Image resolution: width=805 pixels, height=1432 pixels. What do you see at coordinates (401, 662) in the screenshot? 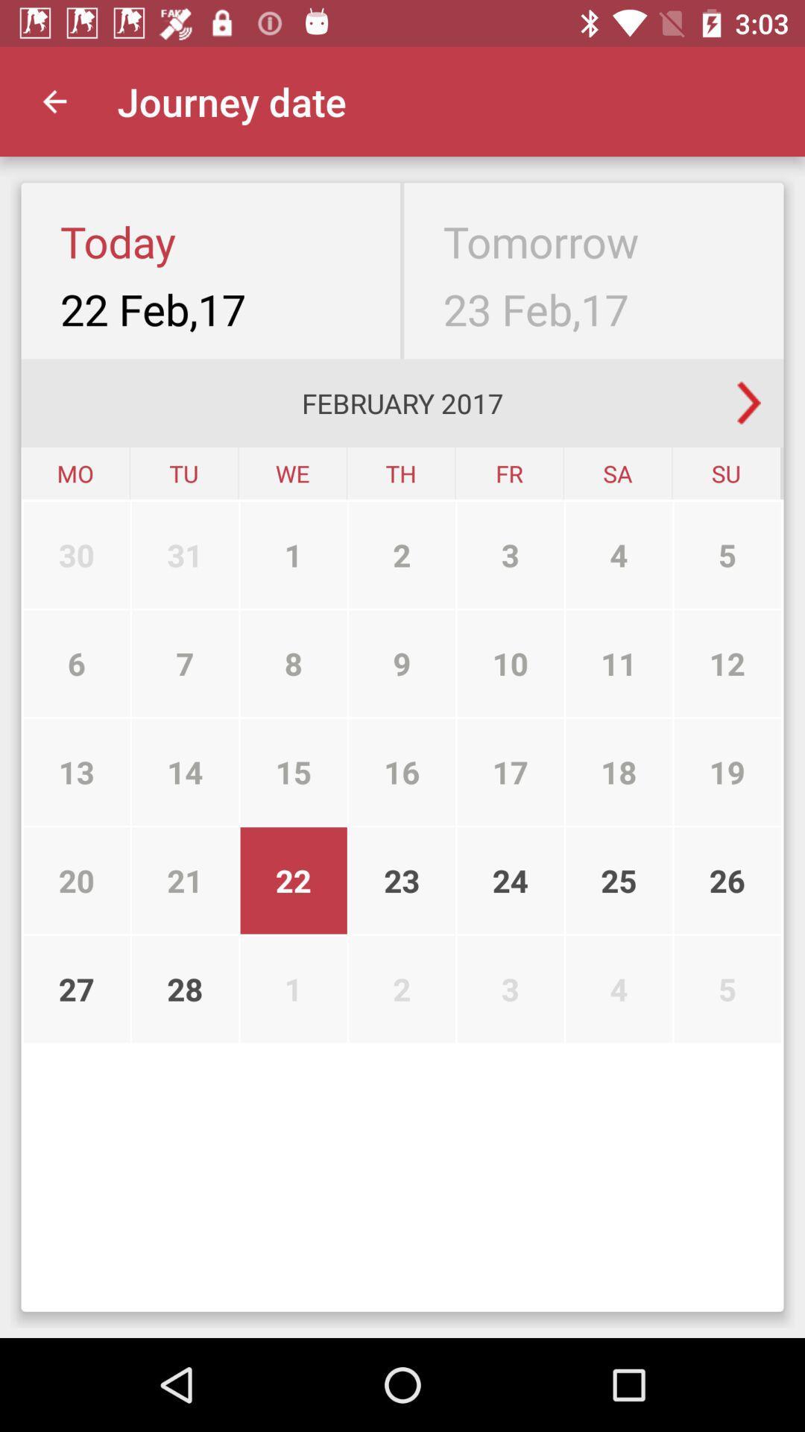
I see `the 9 icon` at bounding box center [401, 662].